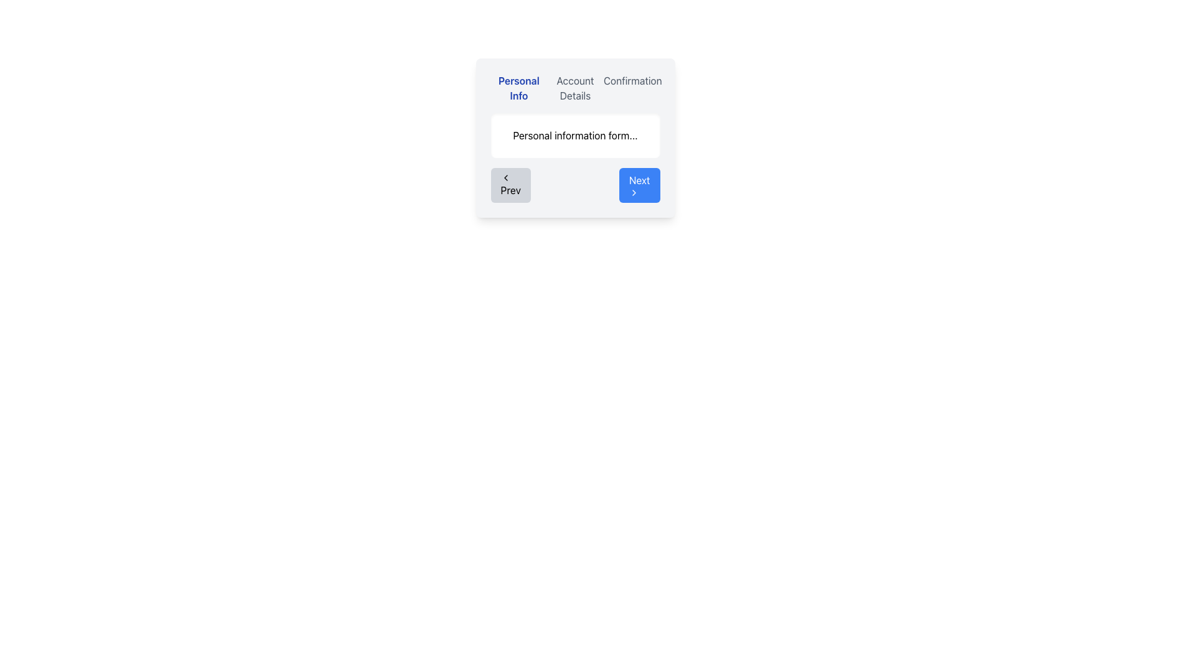  Describe the element at coordinates (505, 177) in the screenshot. I see `the small left arrow icon within the 'Prev' button located at the bottom-left corner of the modal interface` at that location.